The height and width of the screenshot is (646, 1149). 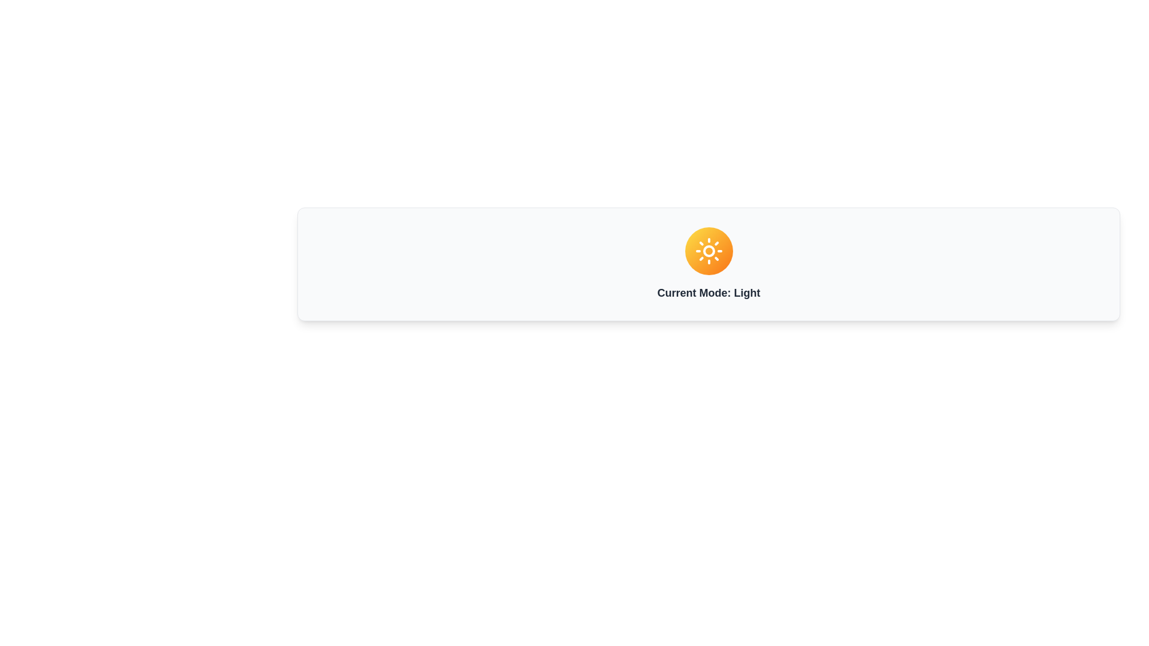 I want to click on the Light Mode icon, which is centrally placed above the text 'Current Mode: Light', so click(x=709, y=251).